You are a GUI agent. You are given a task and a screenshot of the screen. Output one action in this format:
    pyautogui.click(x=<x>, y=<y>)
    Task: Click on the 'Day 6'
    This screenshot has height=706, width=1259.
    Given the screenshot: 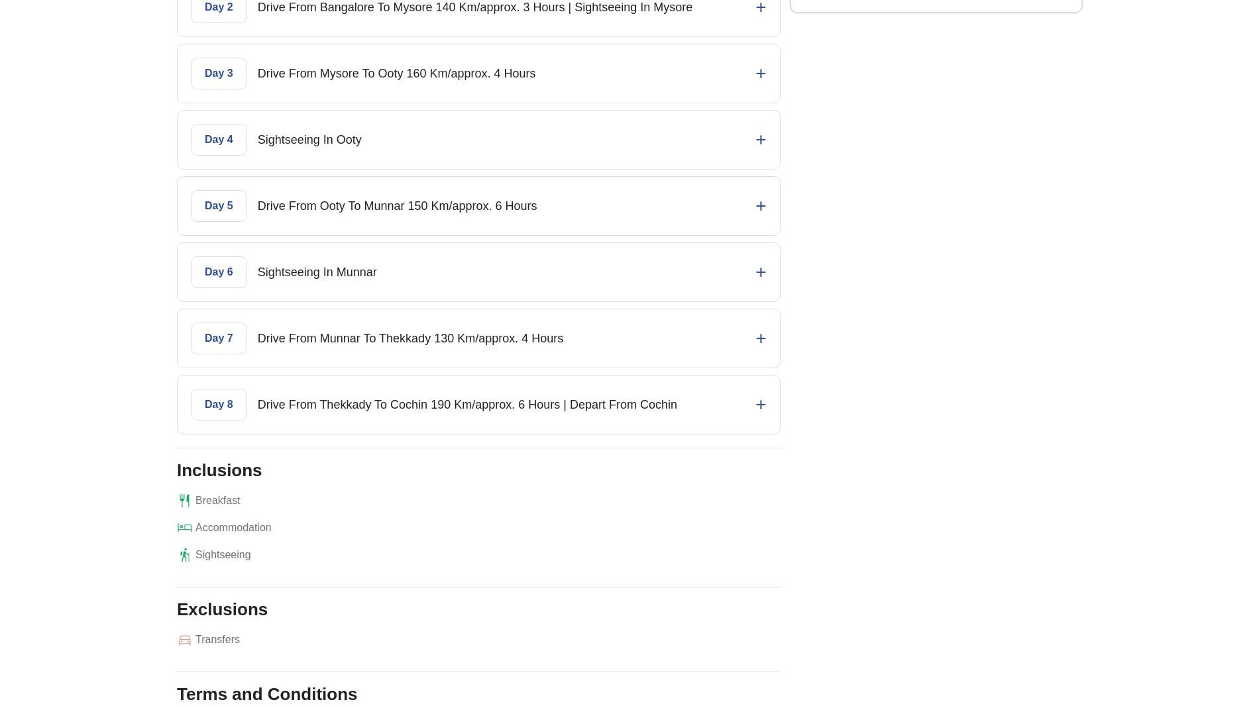 What is the action you would take?
    pyautogui.click(x=218, y=272)
    